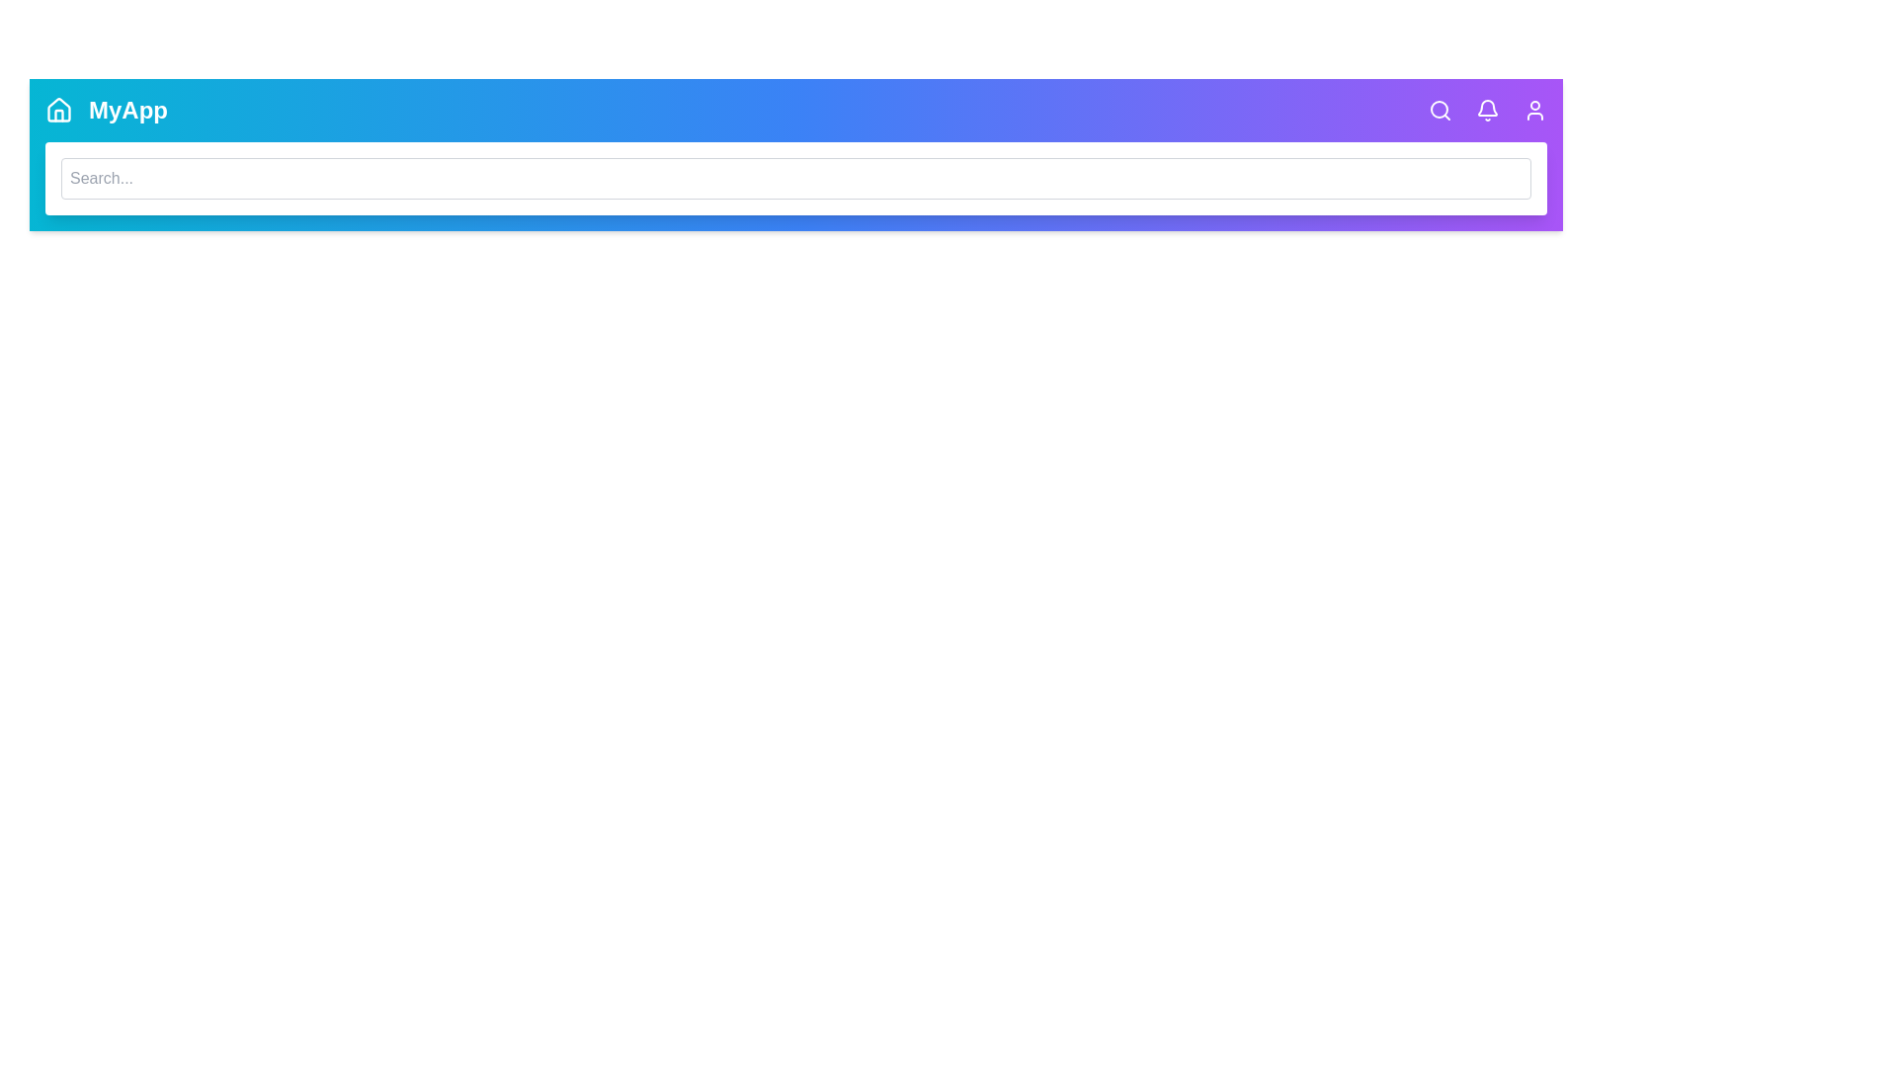  I want to click on the search icon to activate the search functionality, so click(1441, 110).